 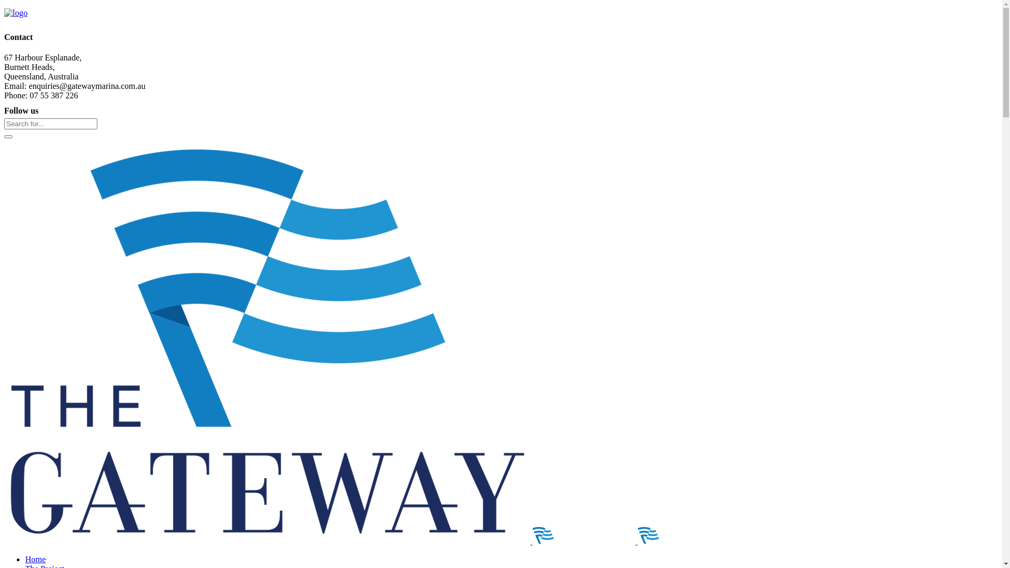 What do you see at coordinates (35, 559) in the screenshot?
I see `'Home'` at bounding box center [35, 559].